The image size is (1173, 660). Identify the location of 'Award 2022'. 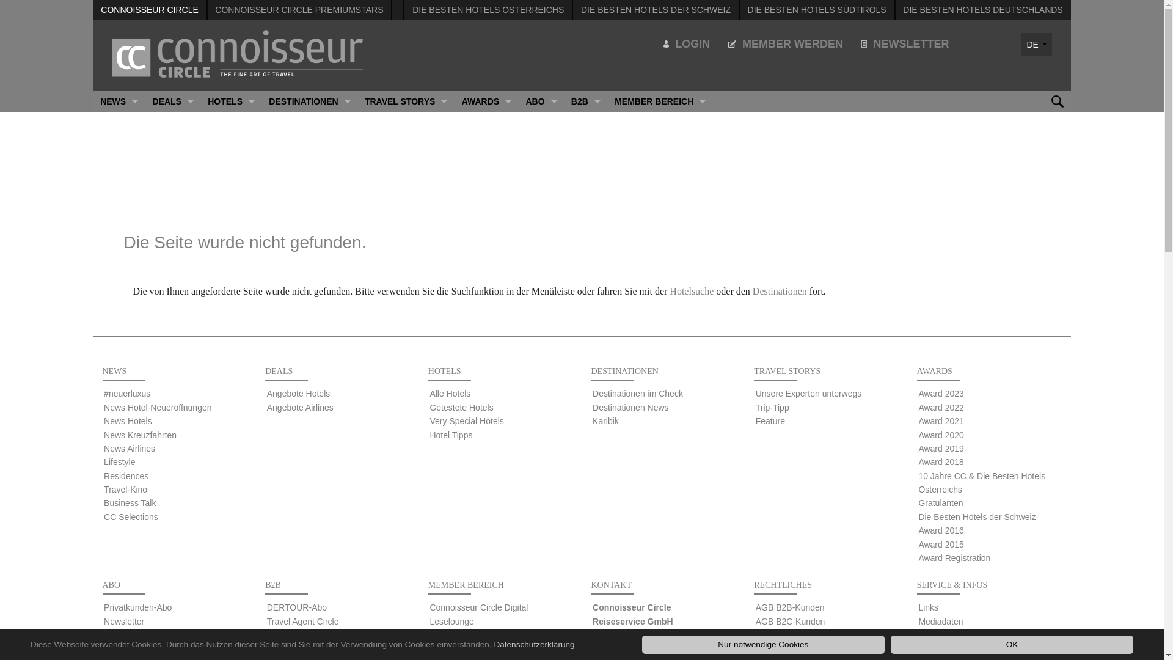
(940, 408).